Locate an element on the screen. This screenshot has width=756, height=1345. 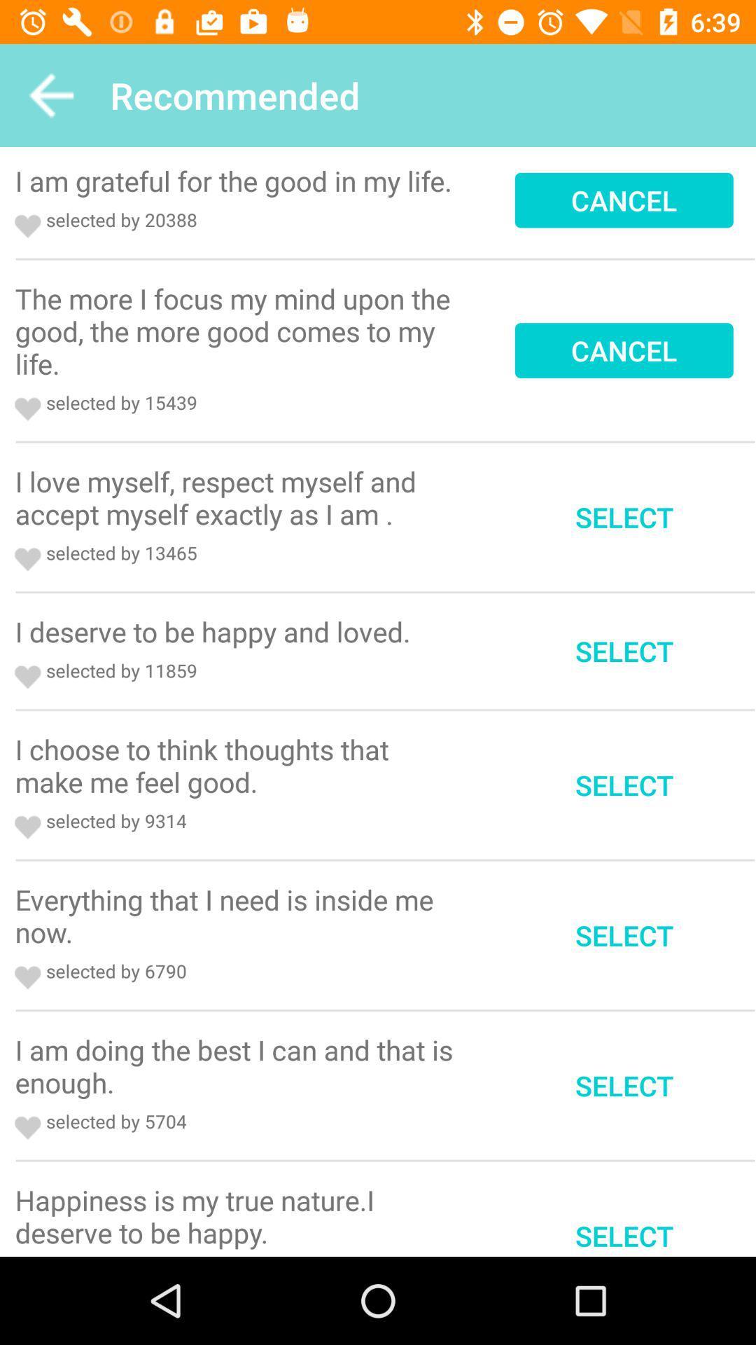
the icon next to select is located at coordinates (238, 497).